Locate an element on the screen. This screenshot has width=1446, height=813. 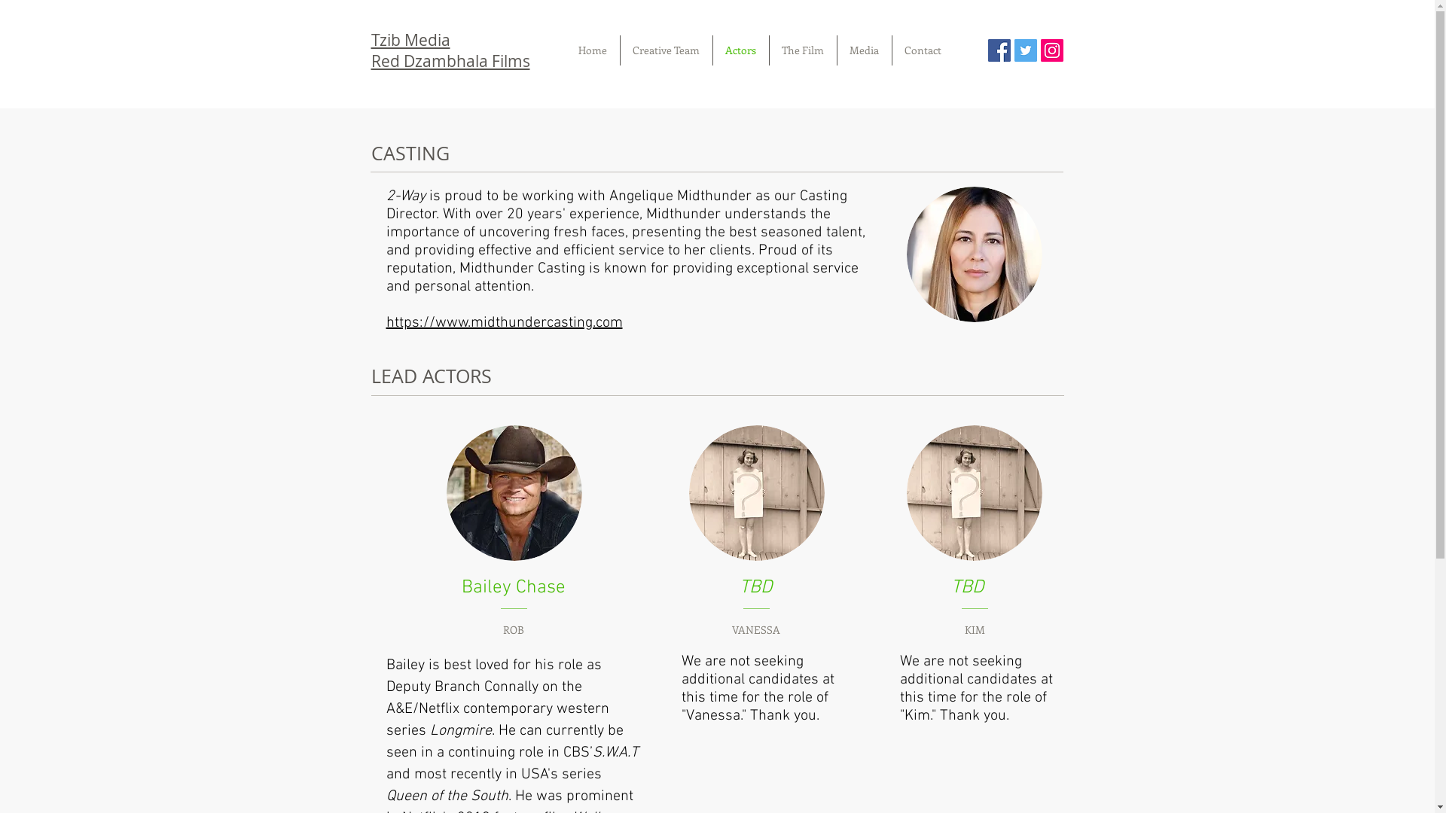
'https://www.midthundercasting.com' is located at coordinates (503, 321).